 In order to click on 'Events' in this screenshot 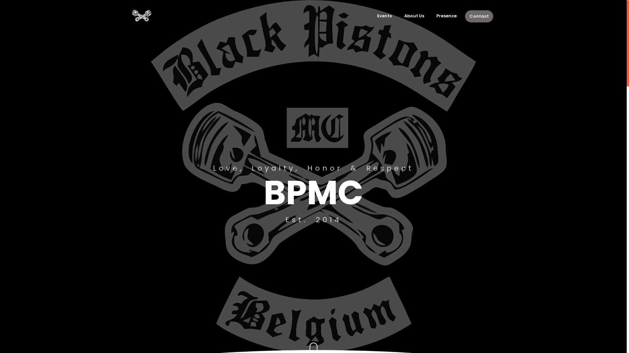, I will do `click(384, 16)`.